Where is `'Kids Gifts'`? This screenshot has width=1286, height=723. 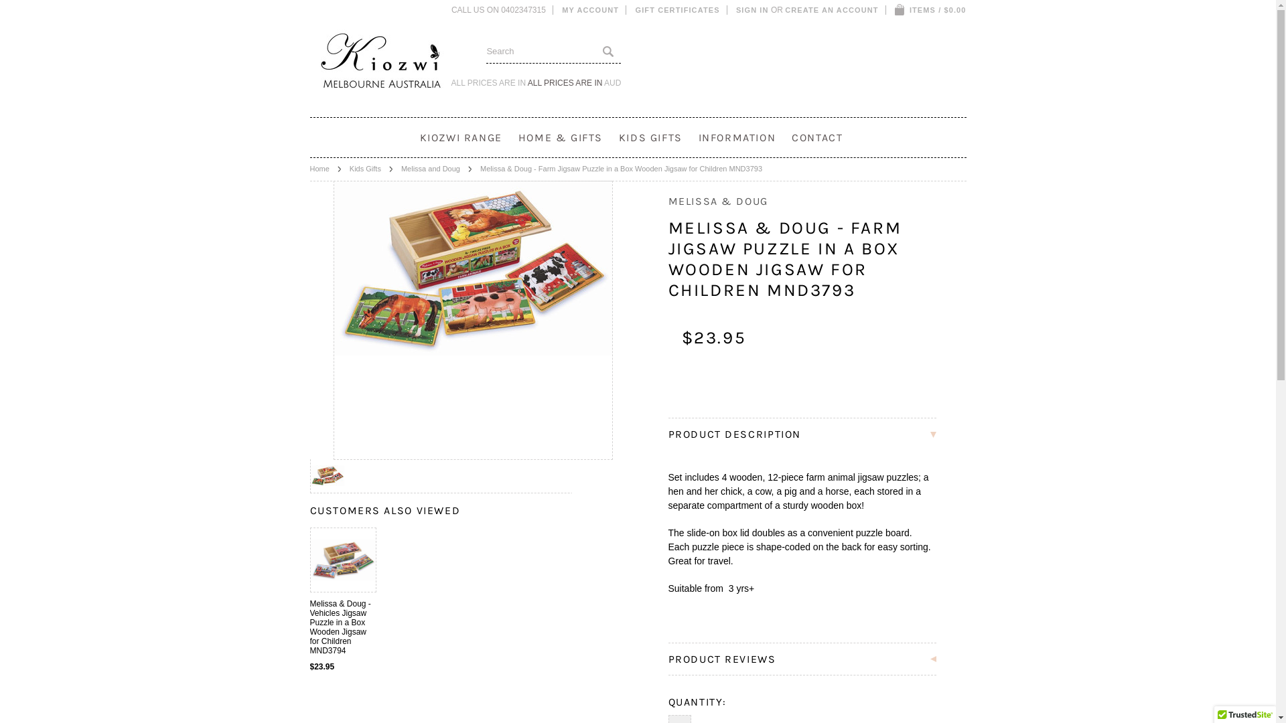 'Kids Gifts' is located at coordinates (371, 167).